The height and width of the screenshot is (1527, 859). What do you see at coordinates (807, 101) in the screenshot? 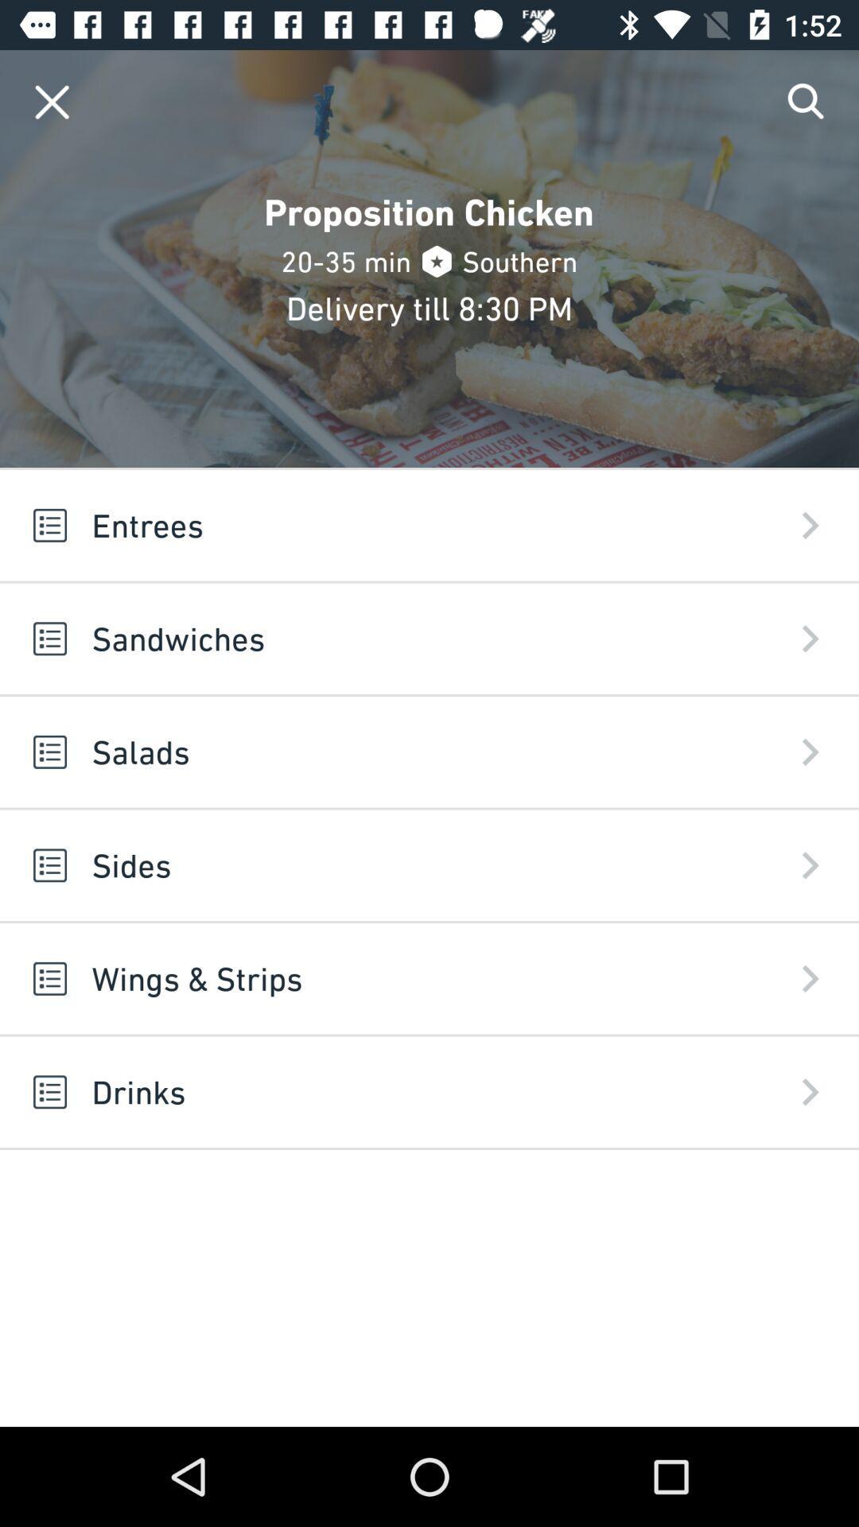
I see `search` at bounding box center [807, 101].